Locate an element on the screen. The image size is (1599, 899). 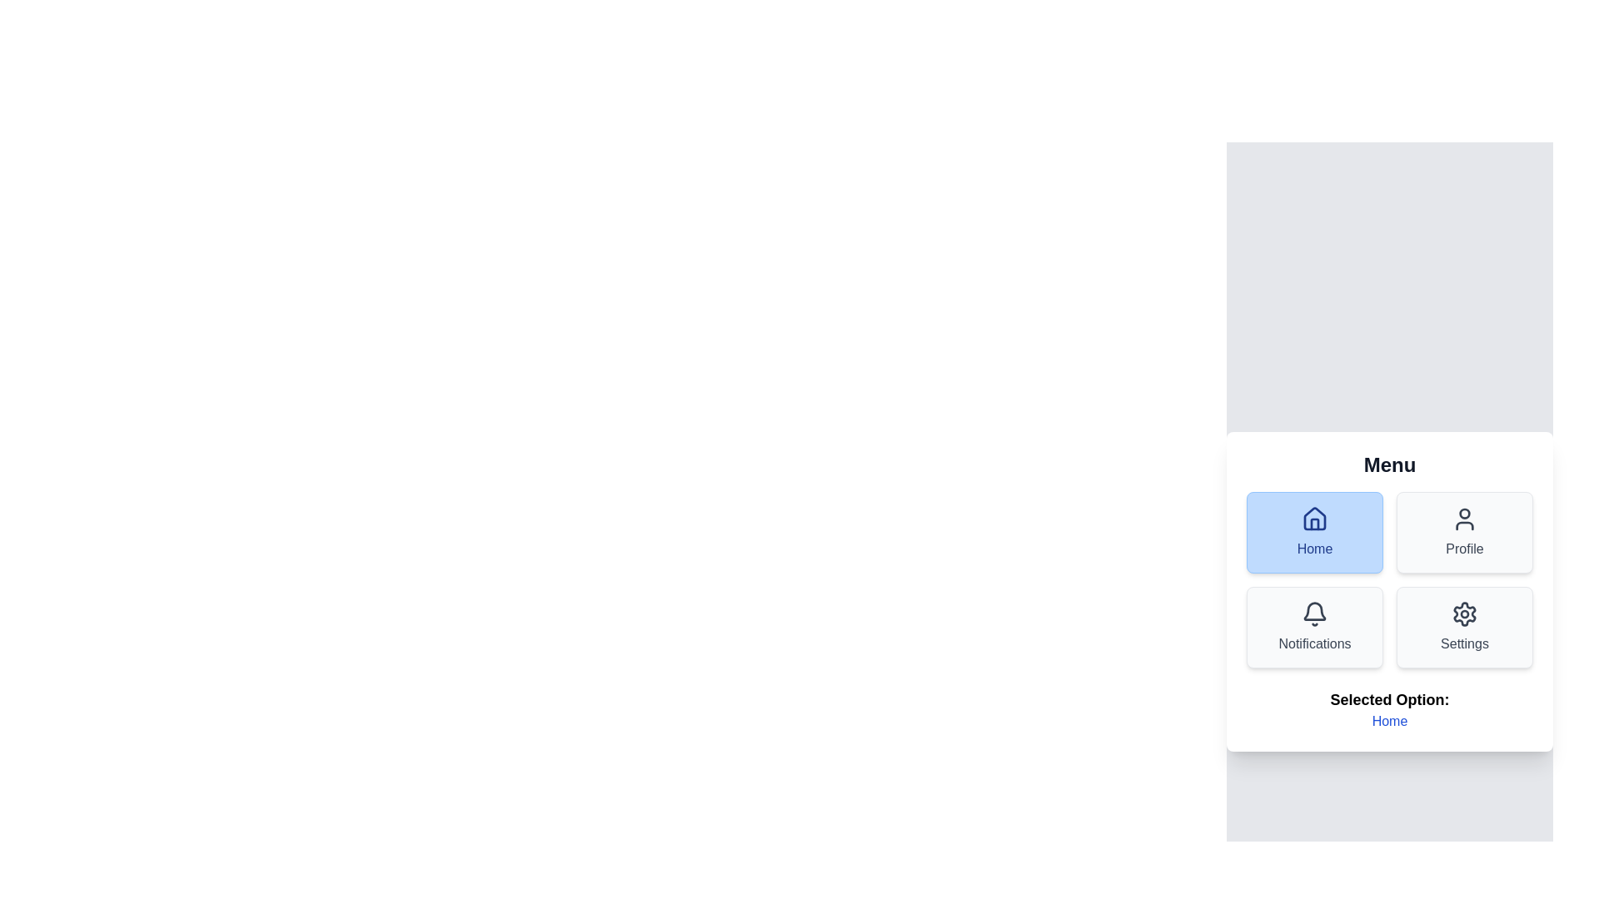
the menu option Home is located at coordinates (1314, 533).